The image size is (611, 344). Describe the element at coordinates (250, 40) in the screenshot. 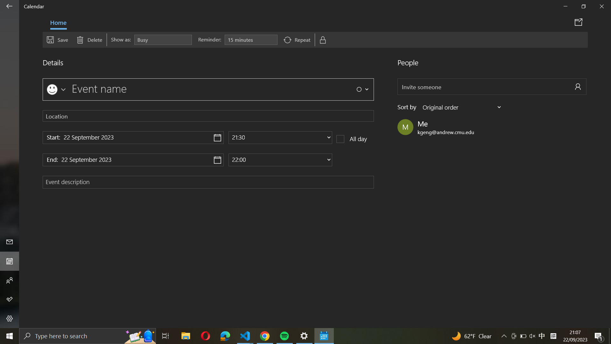

I see `Add a reminder for the event` at that location.